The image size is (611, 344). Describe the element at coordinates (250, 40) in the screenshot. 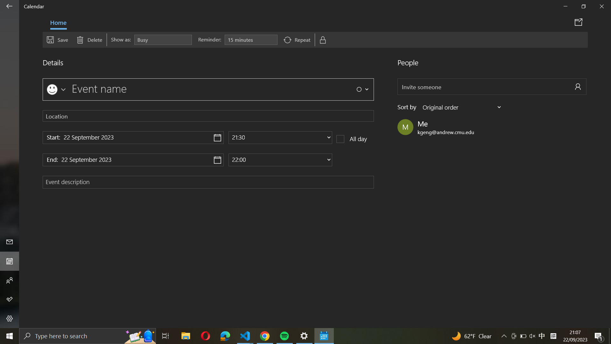

I see `Add a reminder for the event` at that location.